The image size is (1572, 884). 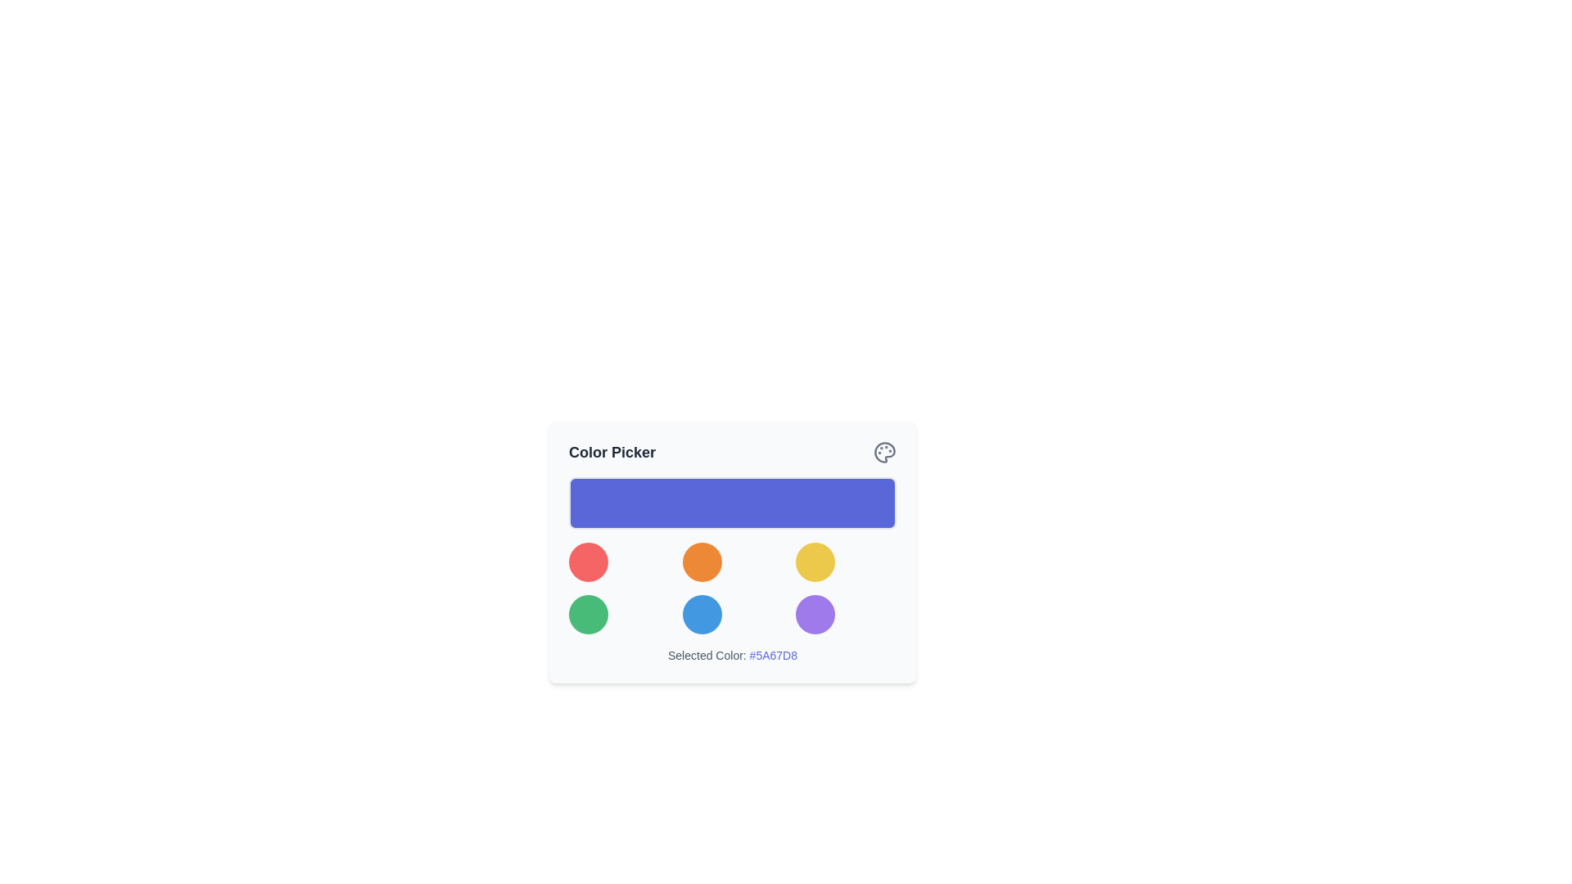 What do you see at coordinates (772, 655) in the screenshot?
I see `the text label that displays the selected color code in the color picker interface, located below the 'Selected Color:' label` at bounding box center [772, 655].